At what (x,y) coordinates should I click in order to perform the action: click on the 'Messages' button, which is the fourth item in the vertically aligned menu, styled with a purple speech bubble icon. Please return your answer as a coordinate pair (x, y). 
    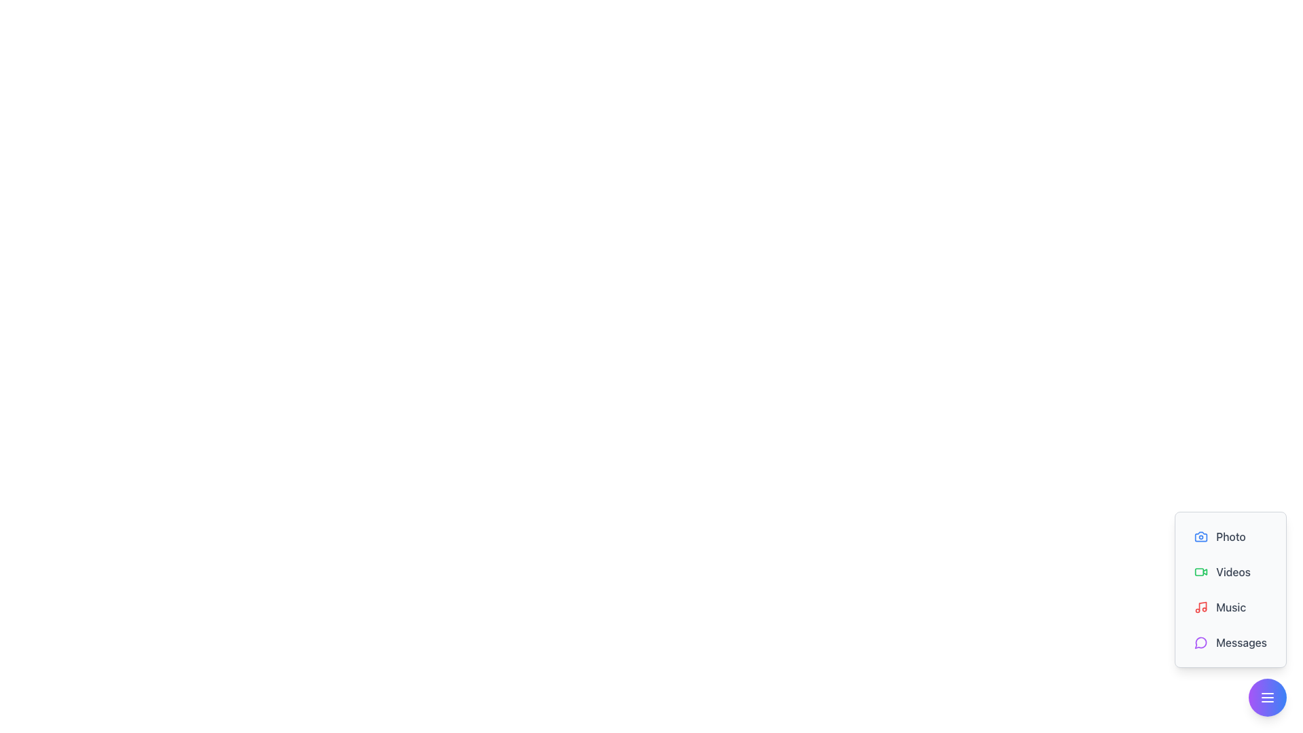
    Looking at the image, I should click on (1230, 642).